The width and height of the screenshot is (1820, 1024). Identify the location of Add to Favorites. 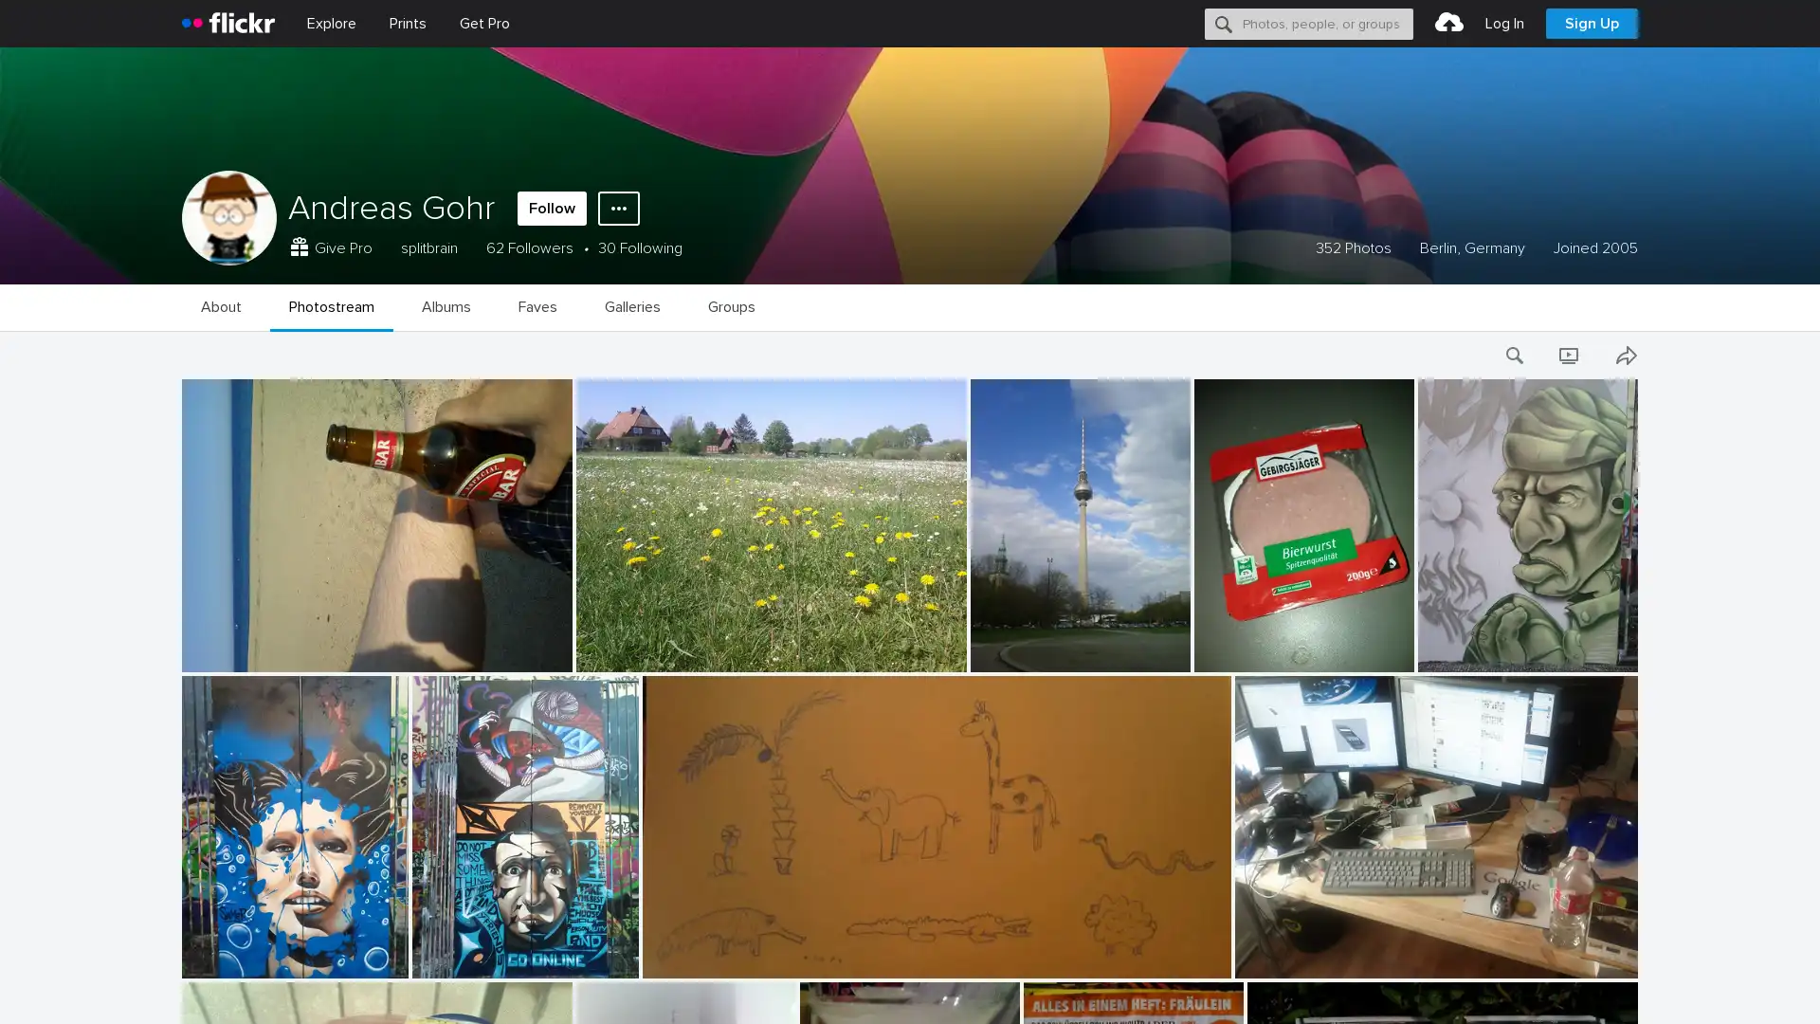
(182, 668).